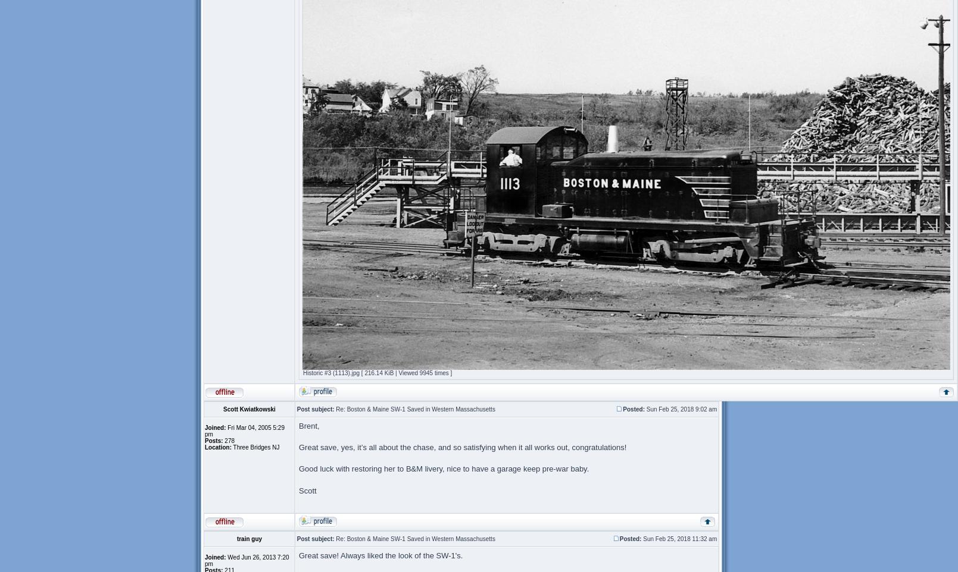 This screenshot has height=572, width=958. Describe the element at coordinates (205, 440) in the screenshot. I see `'Posts:'` at that location.